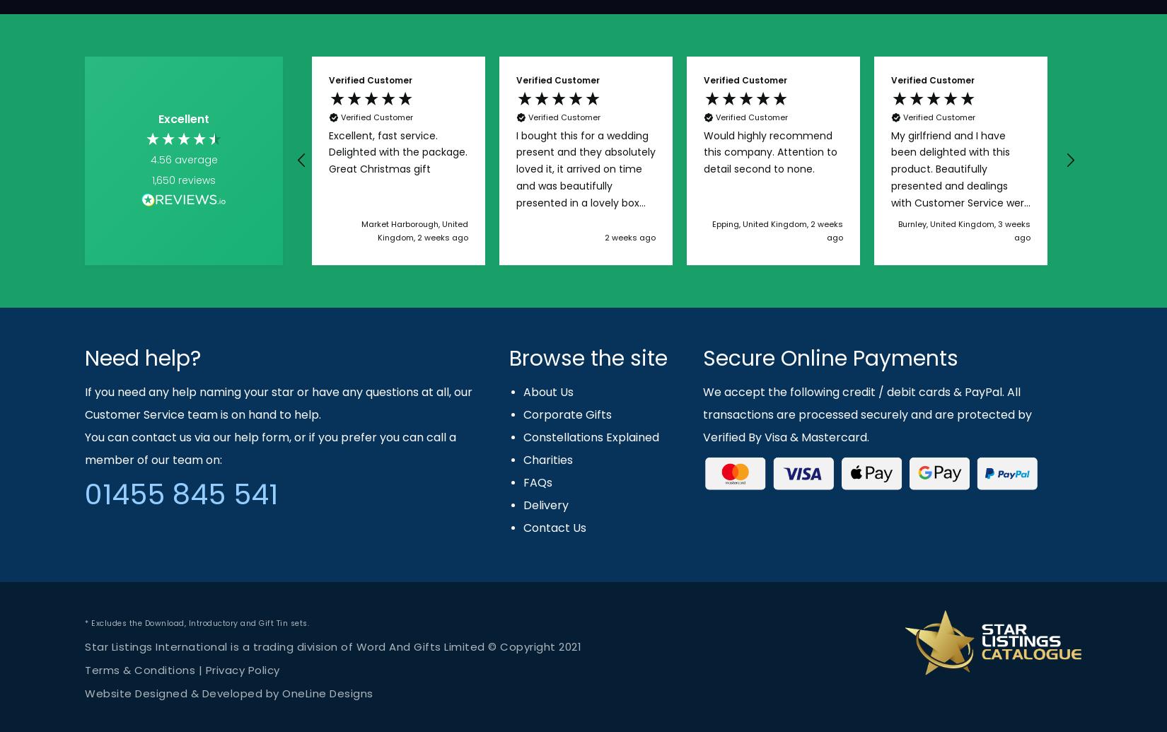  What do you see at coordinates (145, 358) in the screenshot?
I see `'Need help?'` at bounding box center [145, 358].